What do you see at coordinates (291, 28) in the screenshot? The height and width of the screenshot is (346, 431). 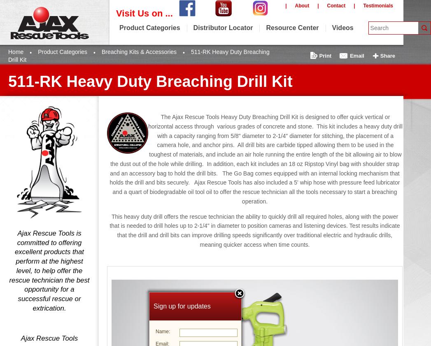 I see `'Resource Center'` at bounding box center [291, 28].